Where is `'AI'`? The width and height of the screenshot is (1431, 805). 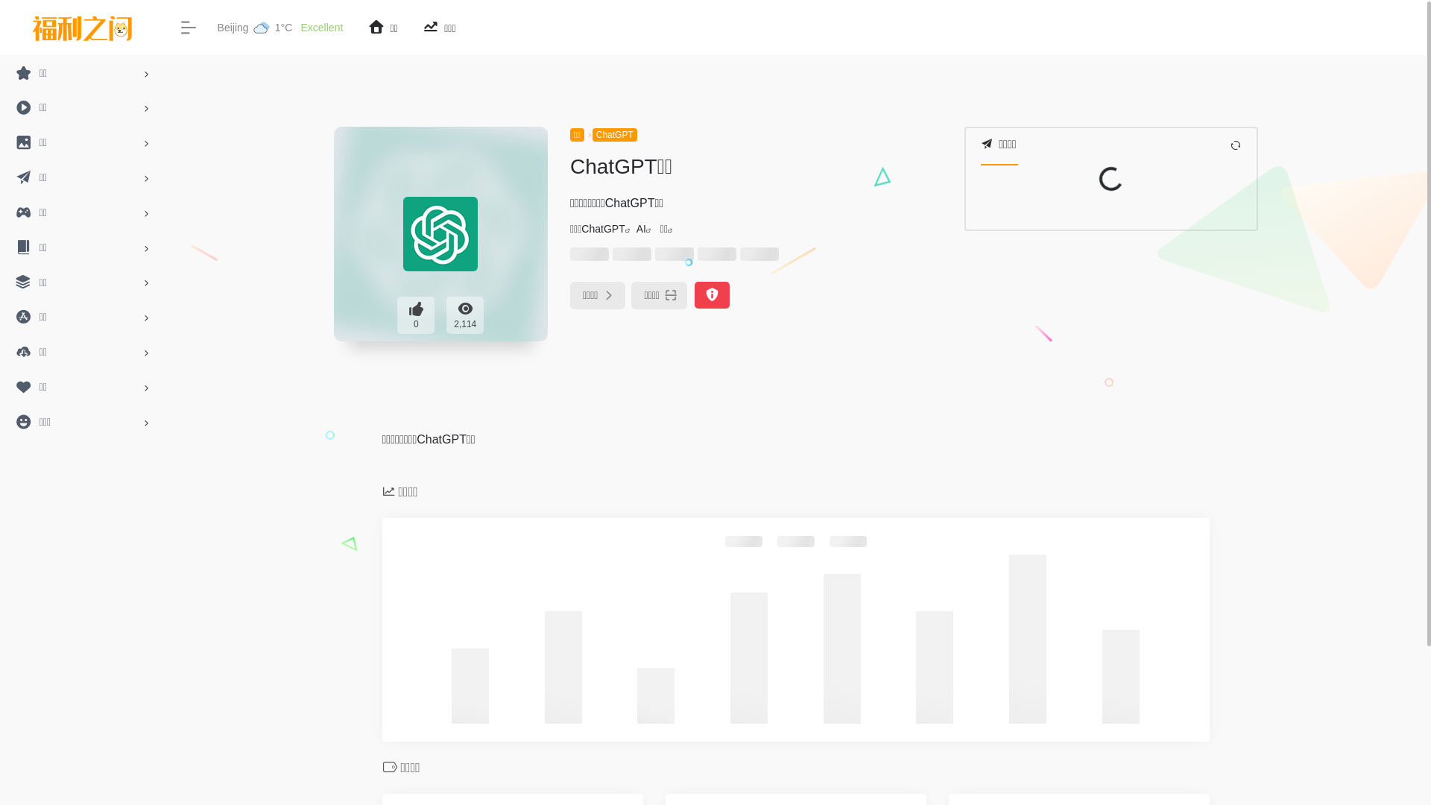 'AI' is located at coordinates (641, 229).